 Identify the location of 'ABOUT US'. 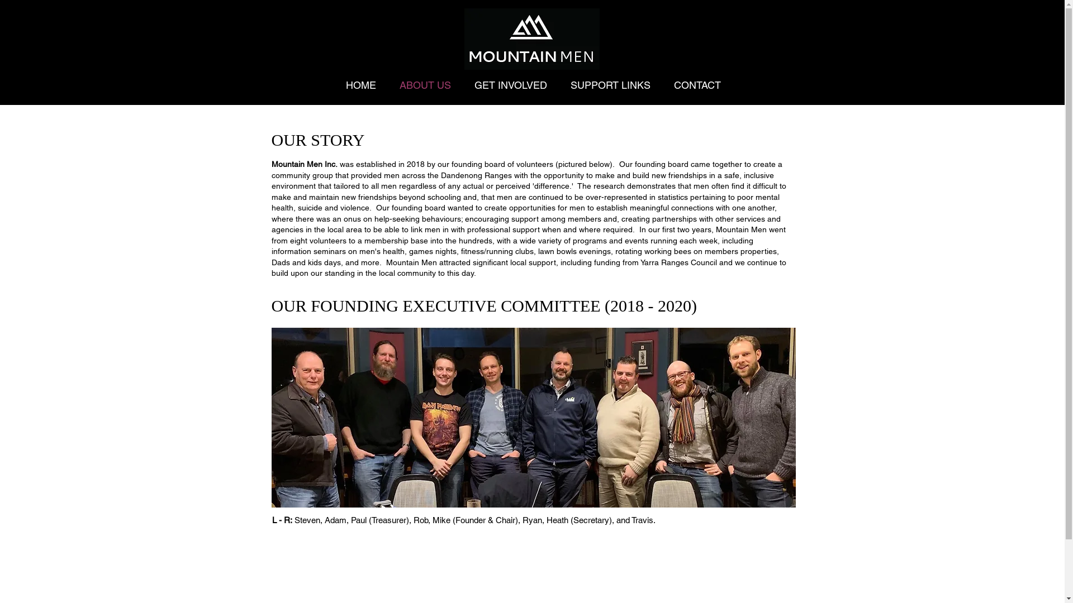
(425, 84).